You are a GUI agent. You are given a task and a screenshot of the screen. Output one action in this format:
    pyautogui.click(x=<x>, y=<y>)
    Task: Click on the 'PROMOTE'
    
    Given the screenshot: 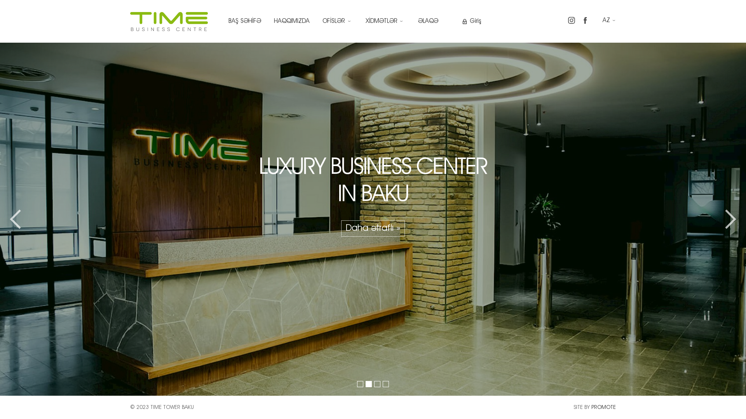 What is the action you would take?
    pyautogui.click(x=603, y=407)
    